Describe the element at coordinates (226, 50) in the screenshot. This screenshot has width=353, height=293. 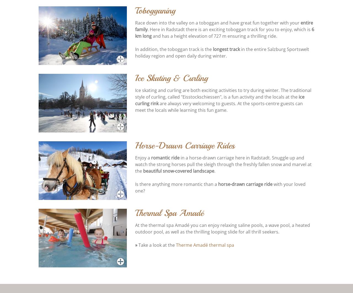
I see `'longest track'` at that location.